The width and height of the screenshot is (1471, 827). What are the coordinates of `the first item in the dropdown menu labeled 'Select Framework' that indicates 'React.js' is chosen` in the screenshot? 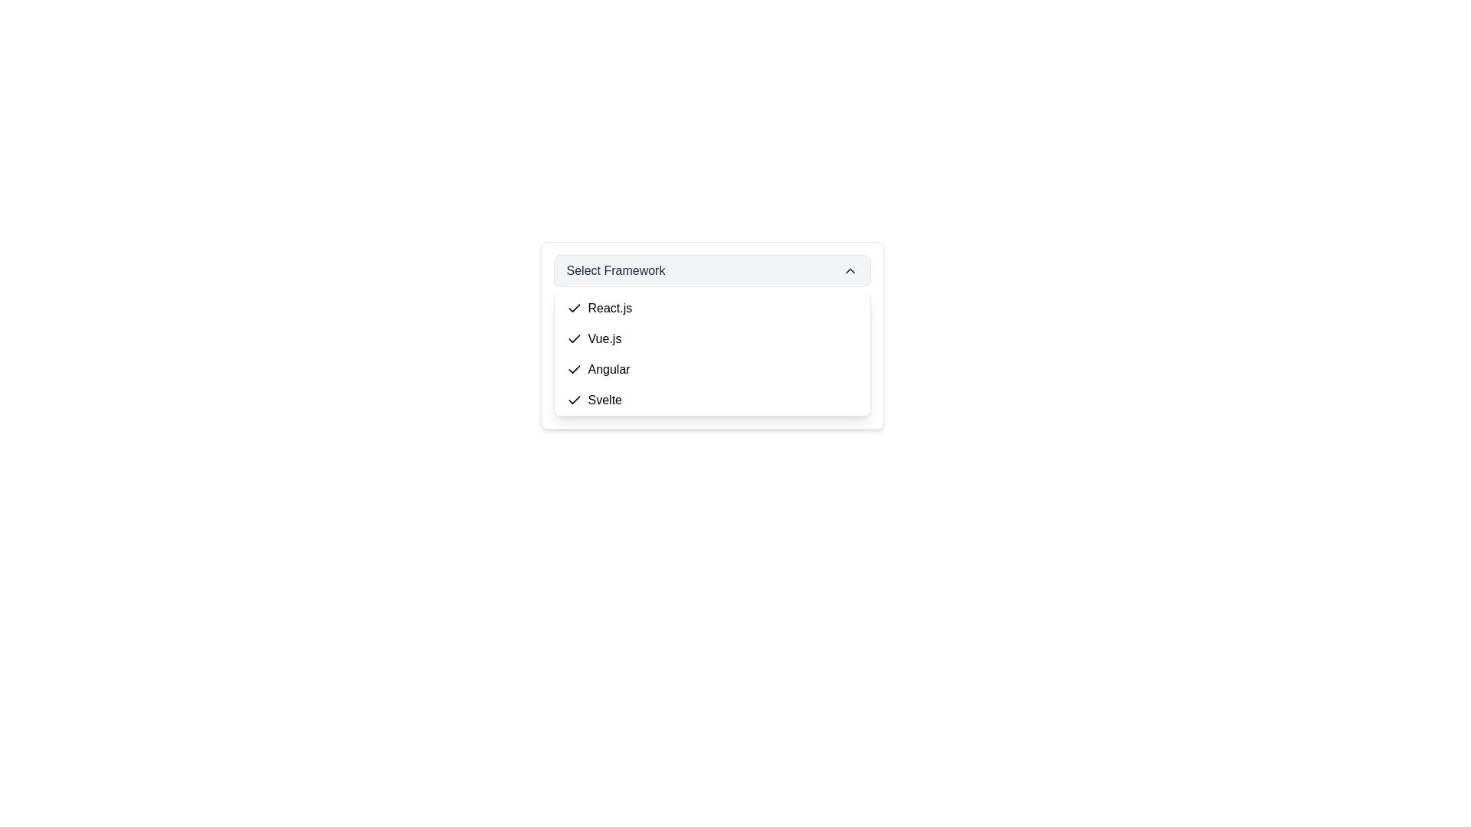 It's located at (598, 308).